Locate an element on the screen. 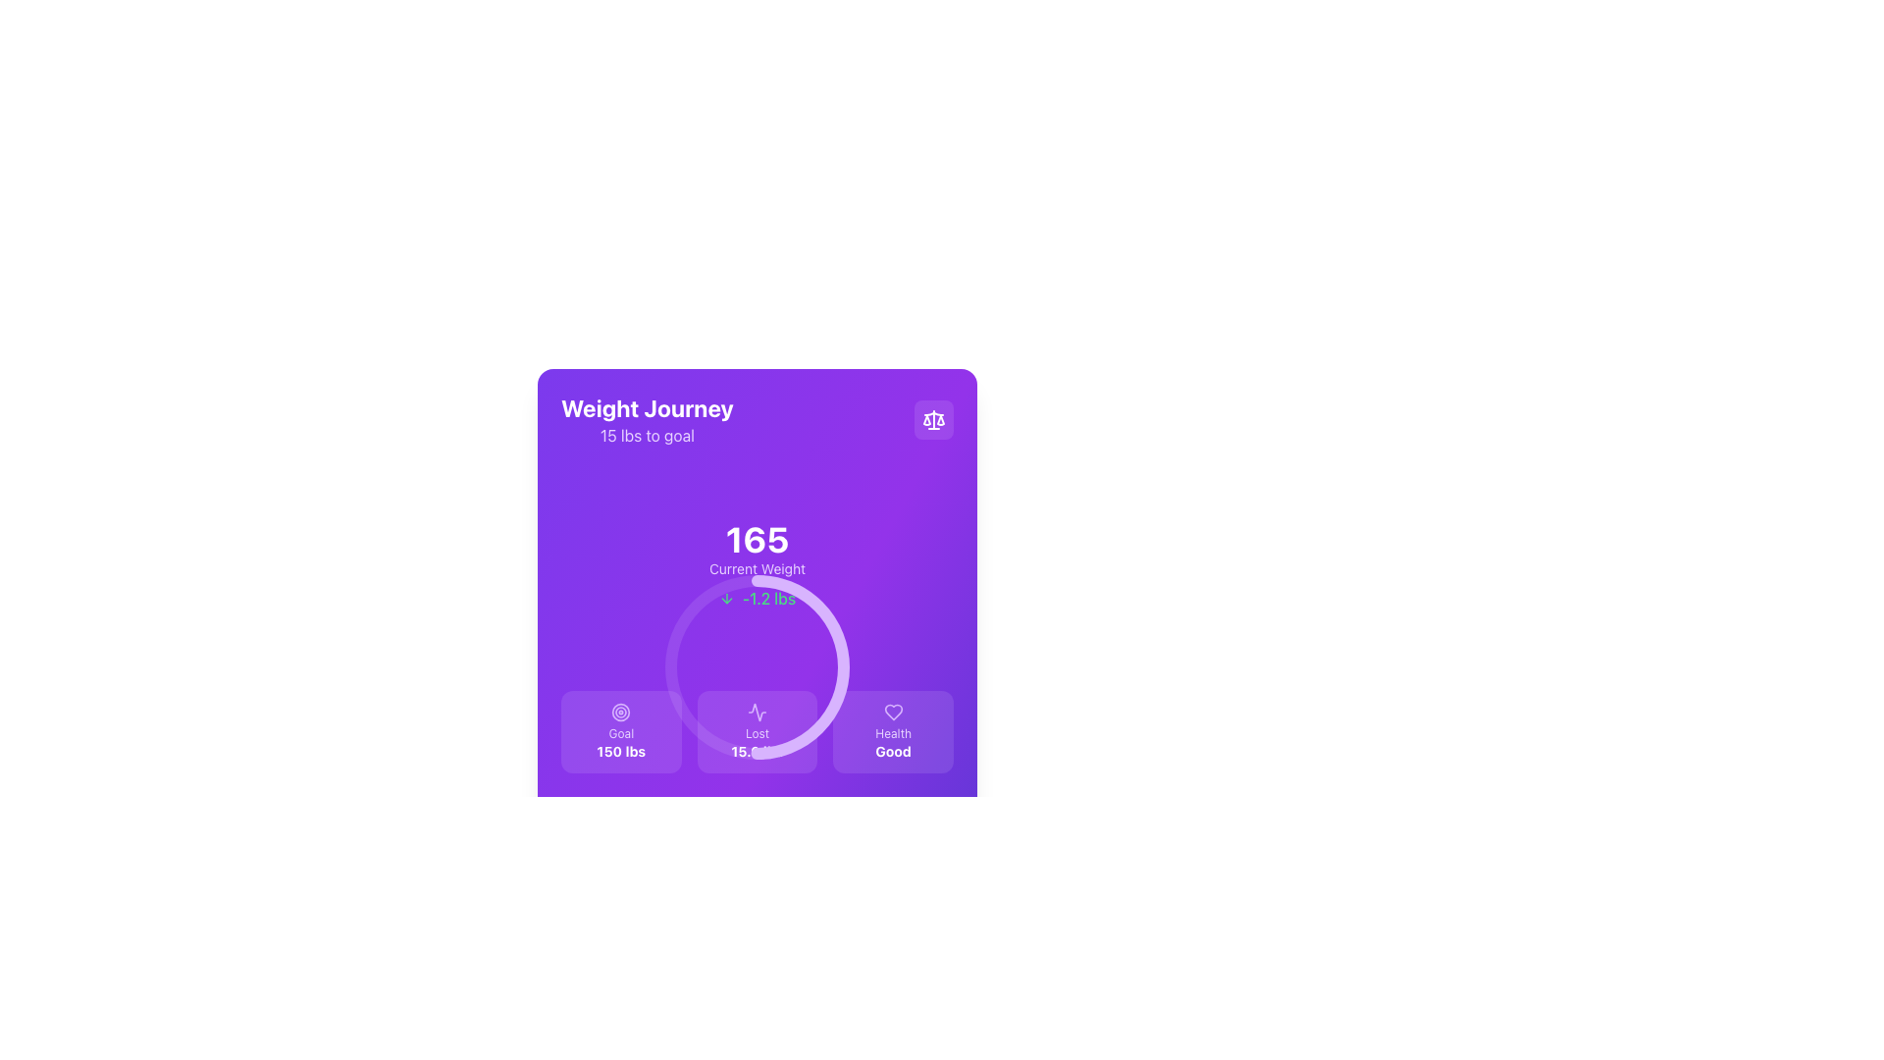 The image size is (1884, 1060). the 'Current Weight' label element, which displays the text in light purple on a vibrant purple background, positioned directly beneath the bold text '165' is located at coordinates (757, 568).